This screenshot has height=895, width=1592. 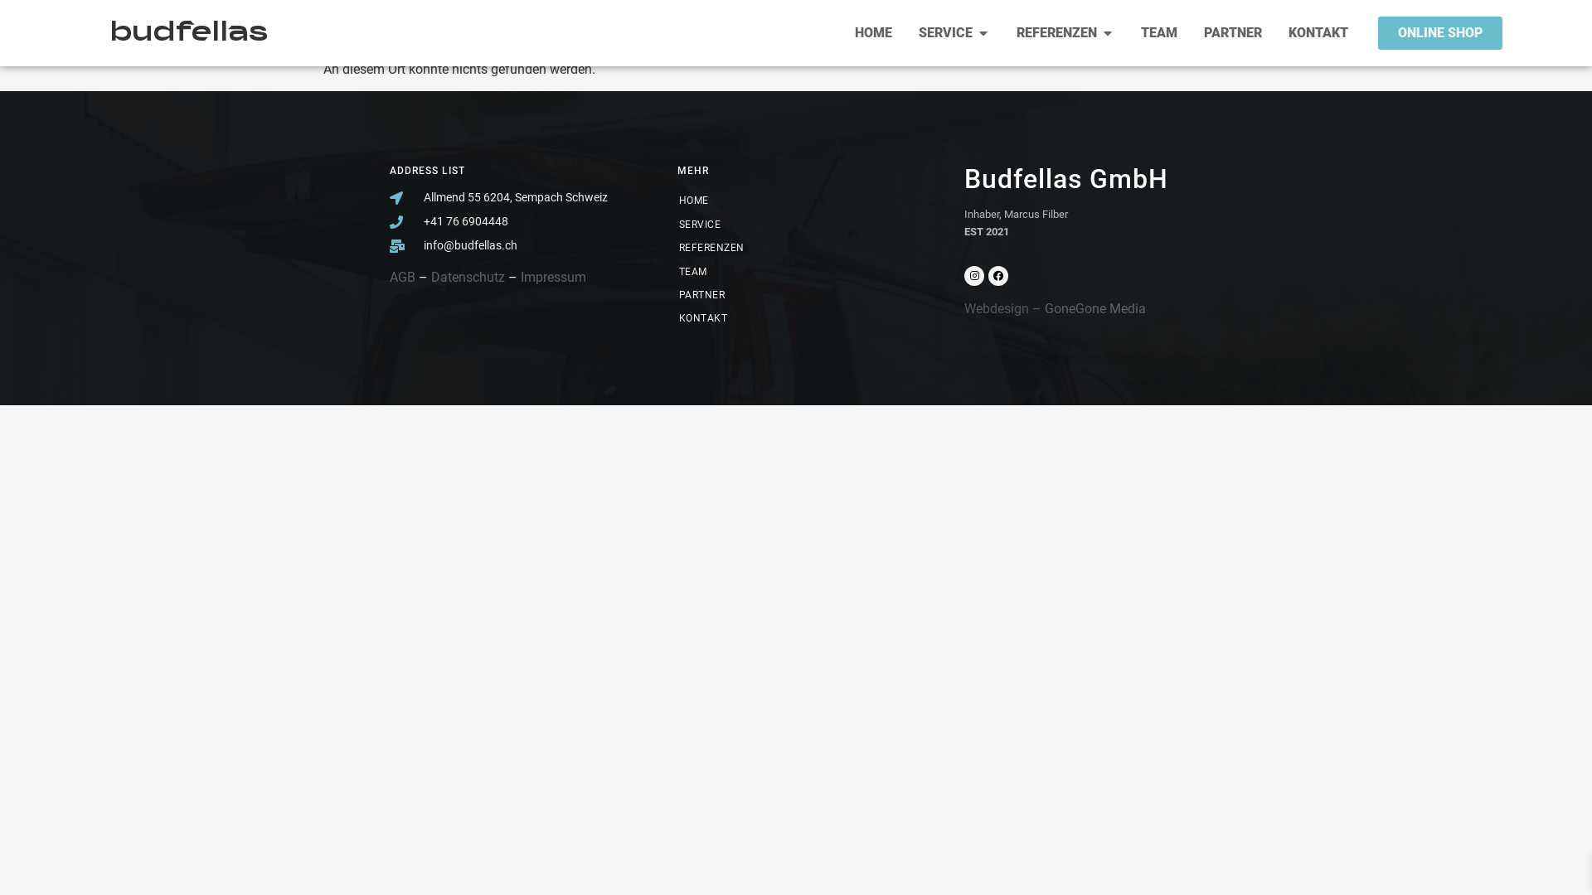 What do you see at coordinates (188, 32) in the screenshot?
I see `'budfellas'` at bounding box center [188, 32].